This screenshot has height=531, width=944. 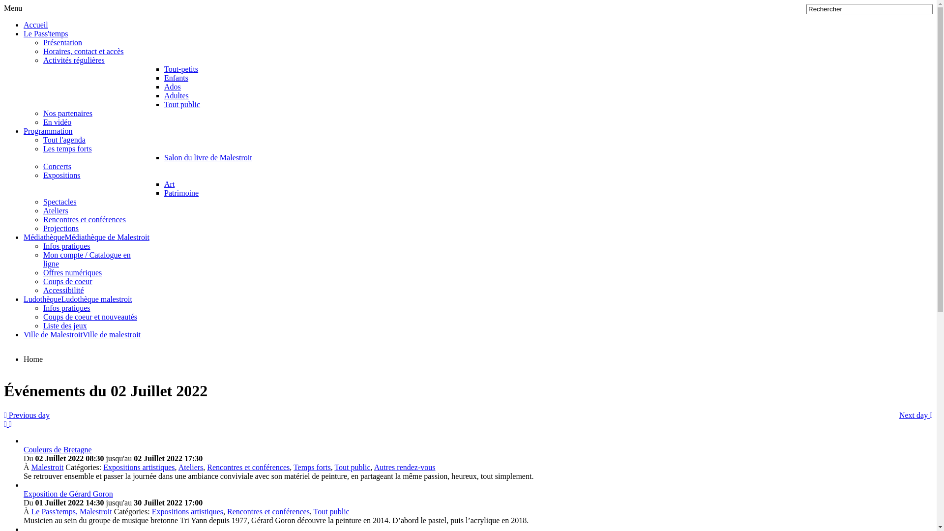 I want to click on 'Patrimoine', so click(x=181, y=193).